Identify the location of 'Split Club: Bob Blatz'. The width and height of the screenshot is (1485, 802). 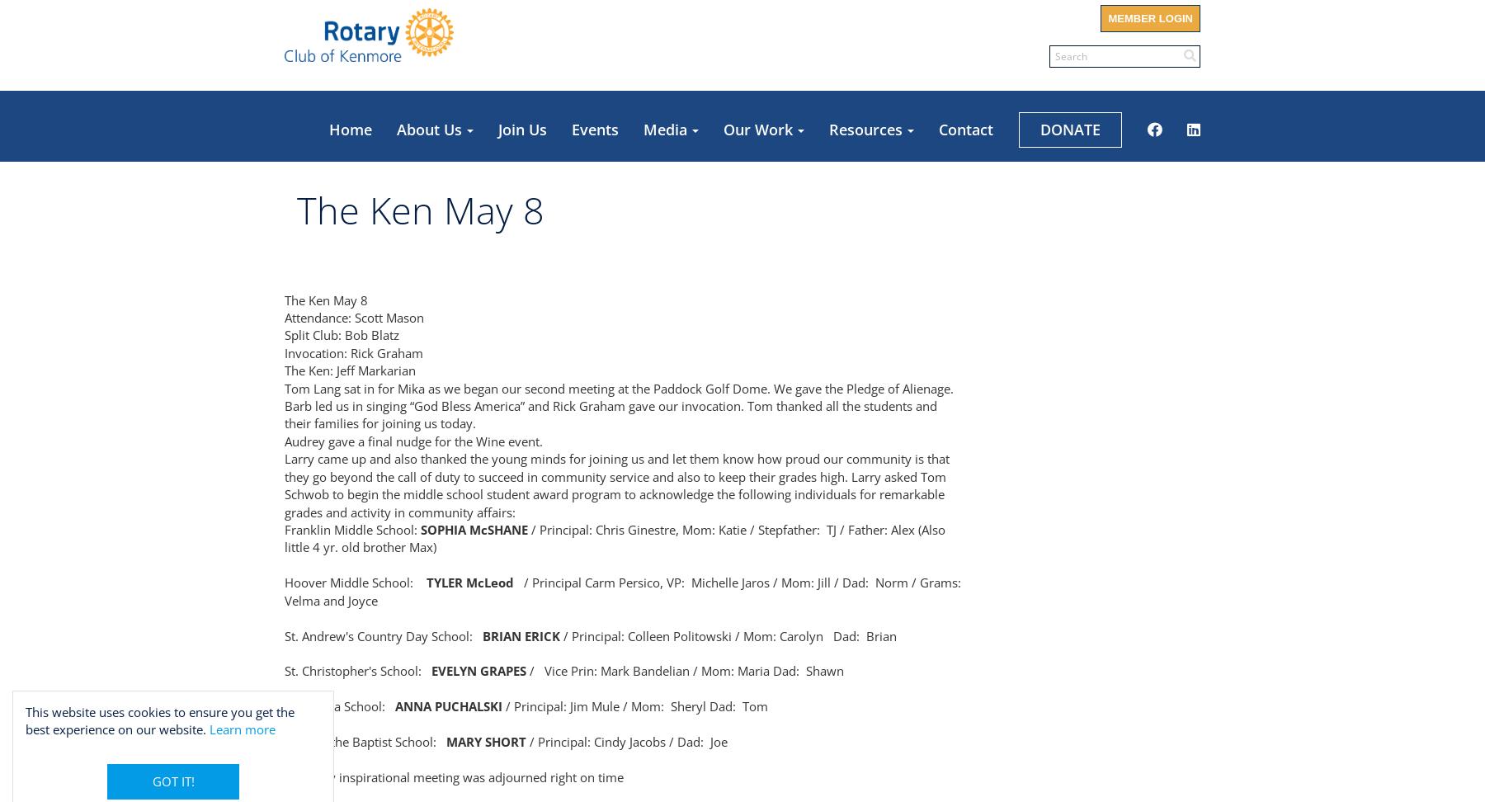
(342, 335).